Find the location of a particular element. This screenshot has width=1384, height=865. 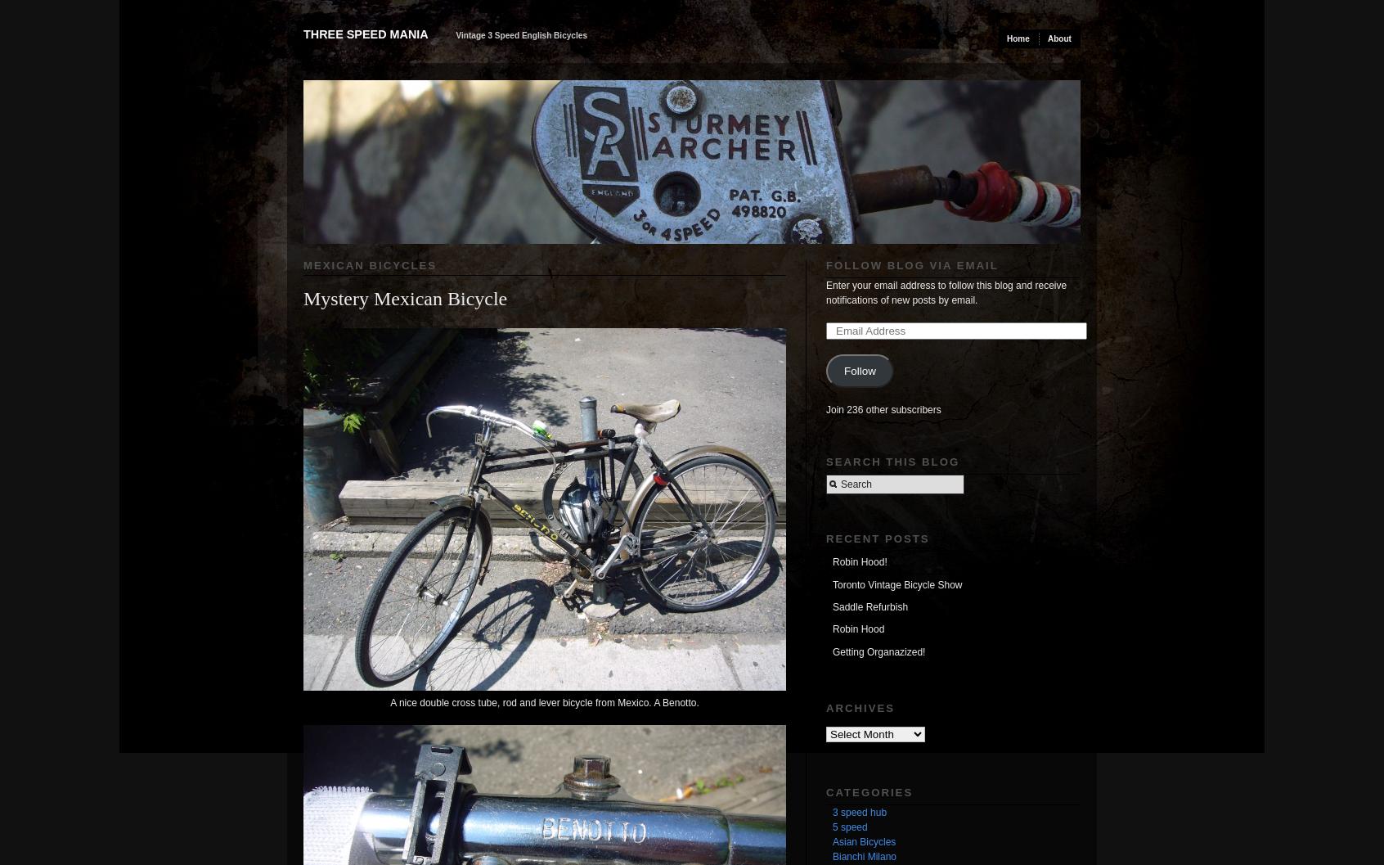

'Follow' is located at coordinates (842, 371).